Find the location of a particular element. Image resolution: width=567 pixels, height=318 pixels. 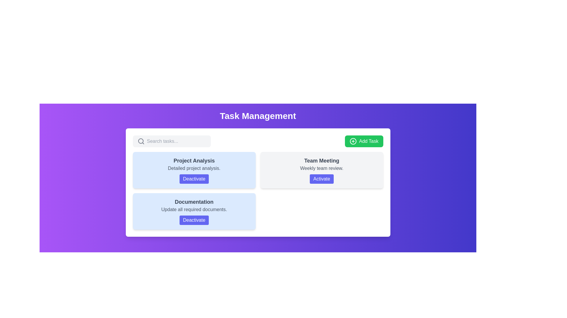

the circular icon representing a plus symbol at the center of the green 'Add Task' button located at the top right of the interface is located at coordinates (353, 141).